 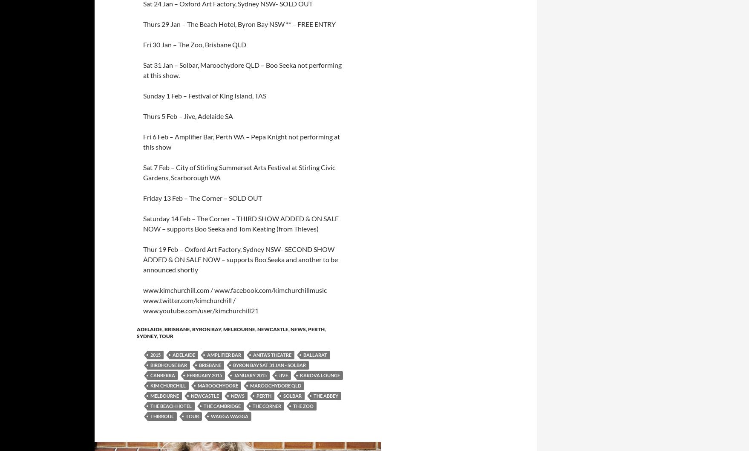 What do you see at coordinates (320, 375) in the screenshot?
I see `'Karova Lounge'` at bounding box center [320, 375].